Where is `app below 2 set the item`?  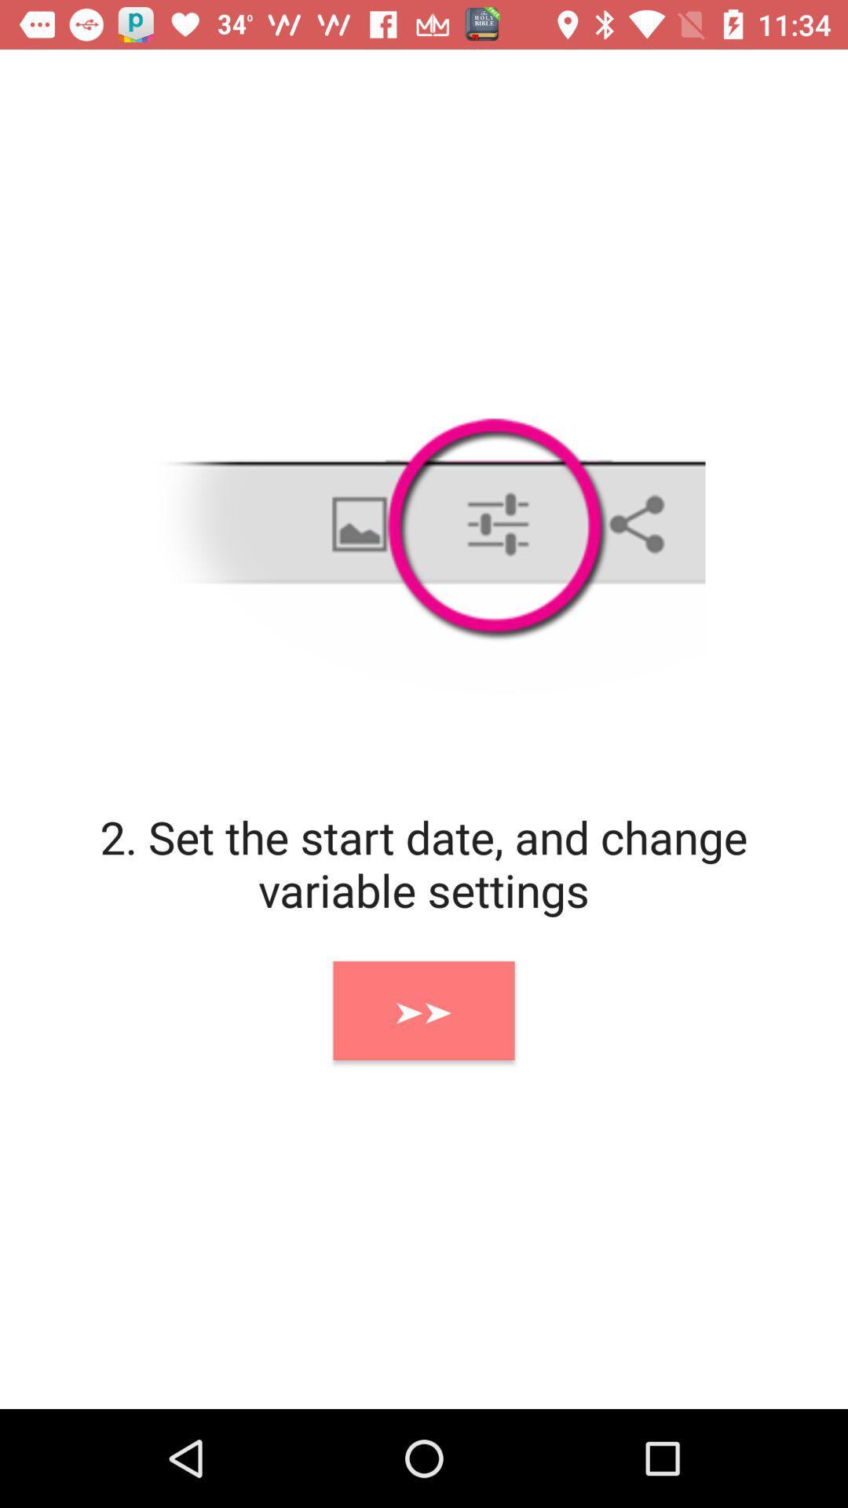
app below 2 set the item is located at coordinates (424, 1010).